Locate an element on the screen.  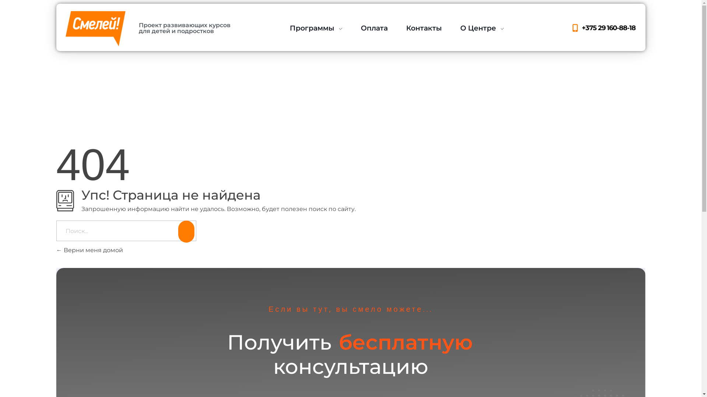
'+375 29 160-88-18' is located at coordinates (570, 28).